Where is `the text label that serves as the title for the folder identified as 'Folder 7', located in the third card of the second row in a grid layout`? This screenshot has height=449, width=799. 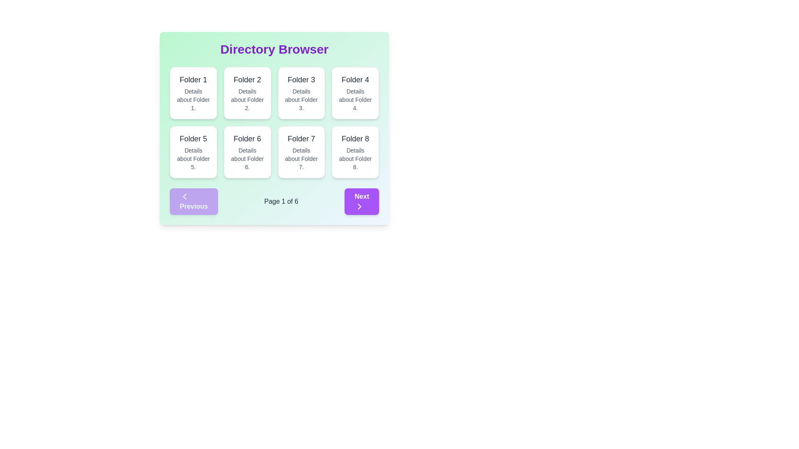 the text label that serves as the title for the folder identified as 'Folder 7', located in the third card of the second row in a grid layout is located at coordinates (301, 138).